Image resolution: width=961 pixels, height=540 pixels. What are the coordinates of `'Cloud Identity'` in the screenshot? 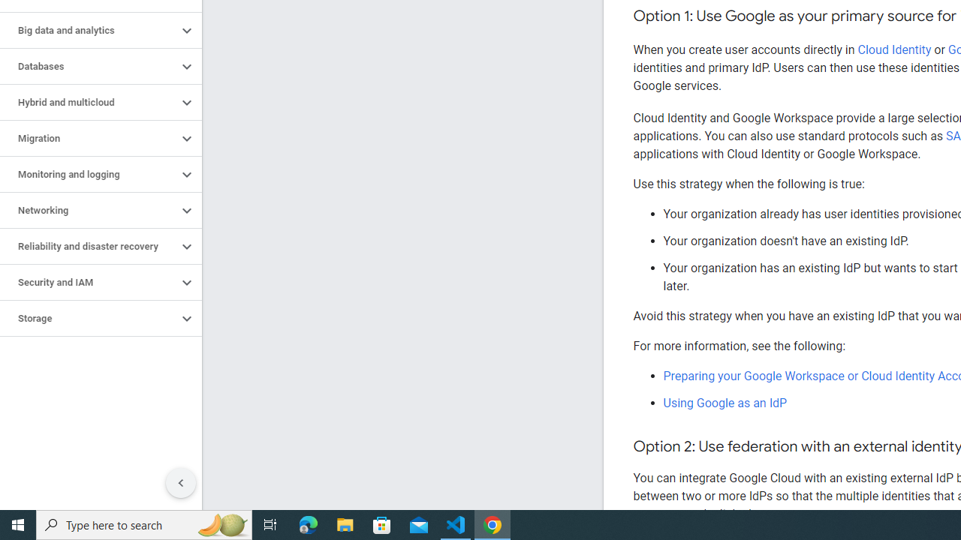 It's located at (894, 49).